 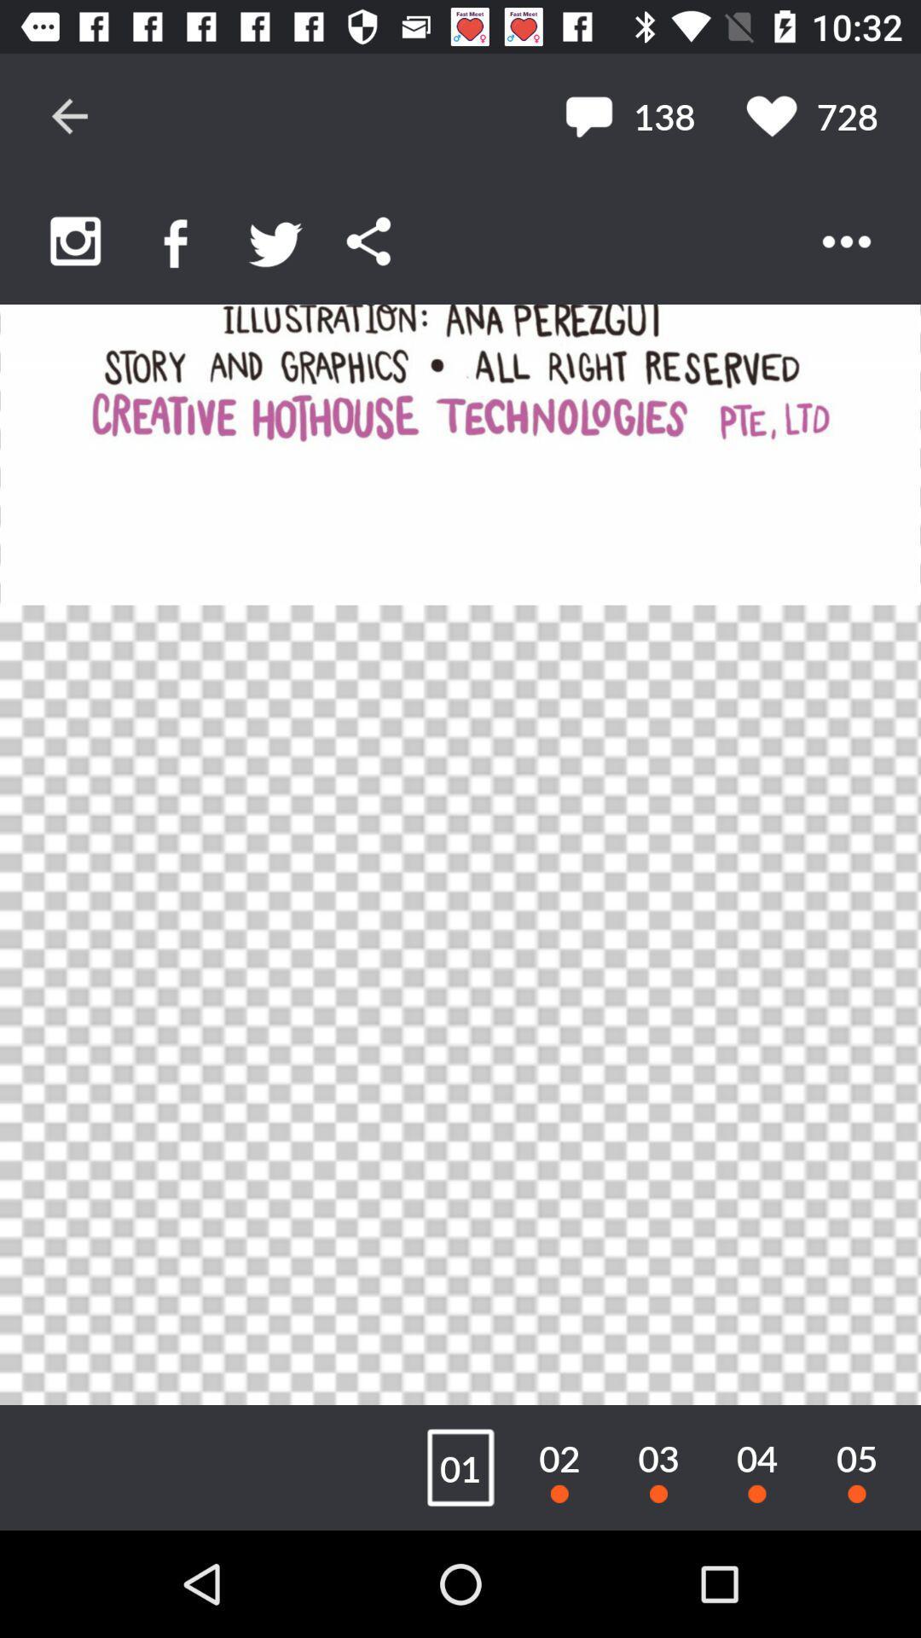 What do you see at coordinates (74, 241) in the screenshot?
I see `the photo icon` at bounding box center [74, 241].